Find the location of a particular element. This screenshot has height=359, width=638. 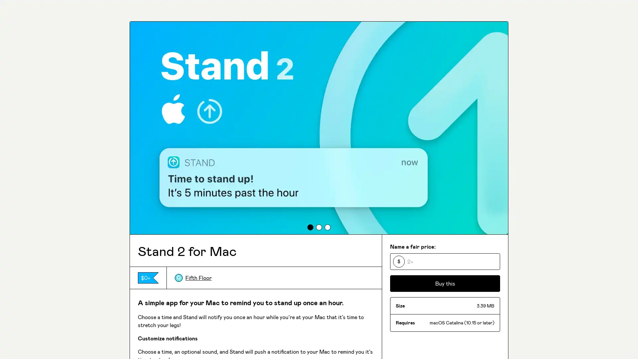

Buy this is located at coordinates (445, 283).